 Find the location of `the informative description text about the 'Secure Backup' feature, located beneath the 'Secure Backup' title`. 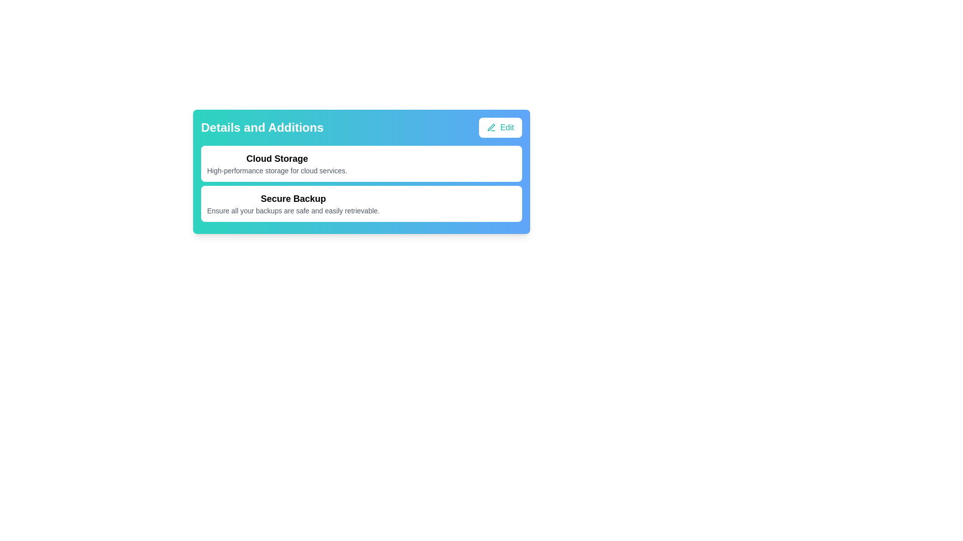

the informative description text about the 'Secure Backup' feature, located beneath the 'Secure Backup' title is located at coordinates (293, 210).